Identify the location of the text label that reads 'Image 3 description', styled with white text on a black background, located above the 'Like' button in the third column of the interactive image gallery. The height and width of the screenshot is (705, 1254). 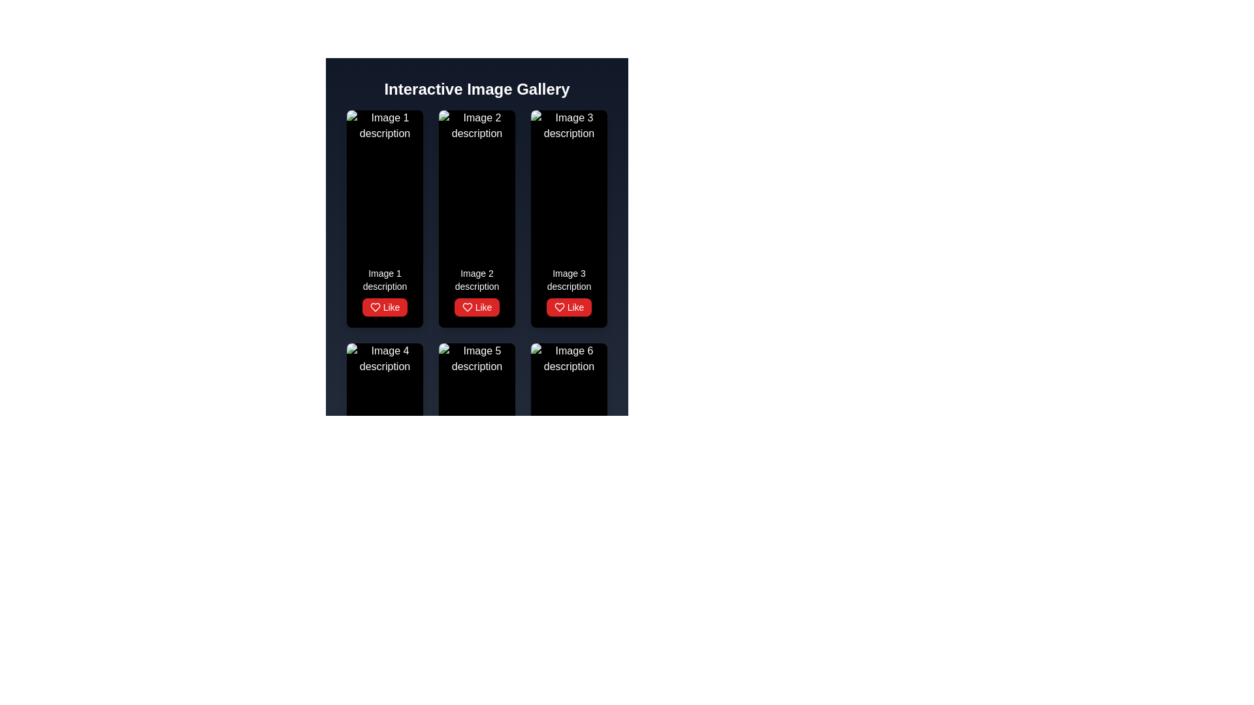
(569, 279).